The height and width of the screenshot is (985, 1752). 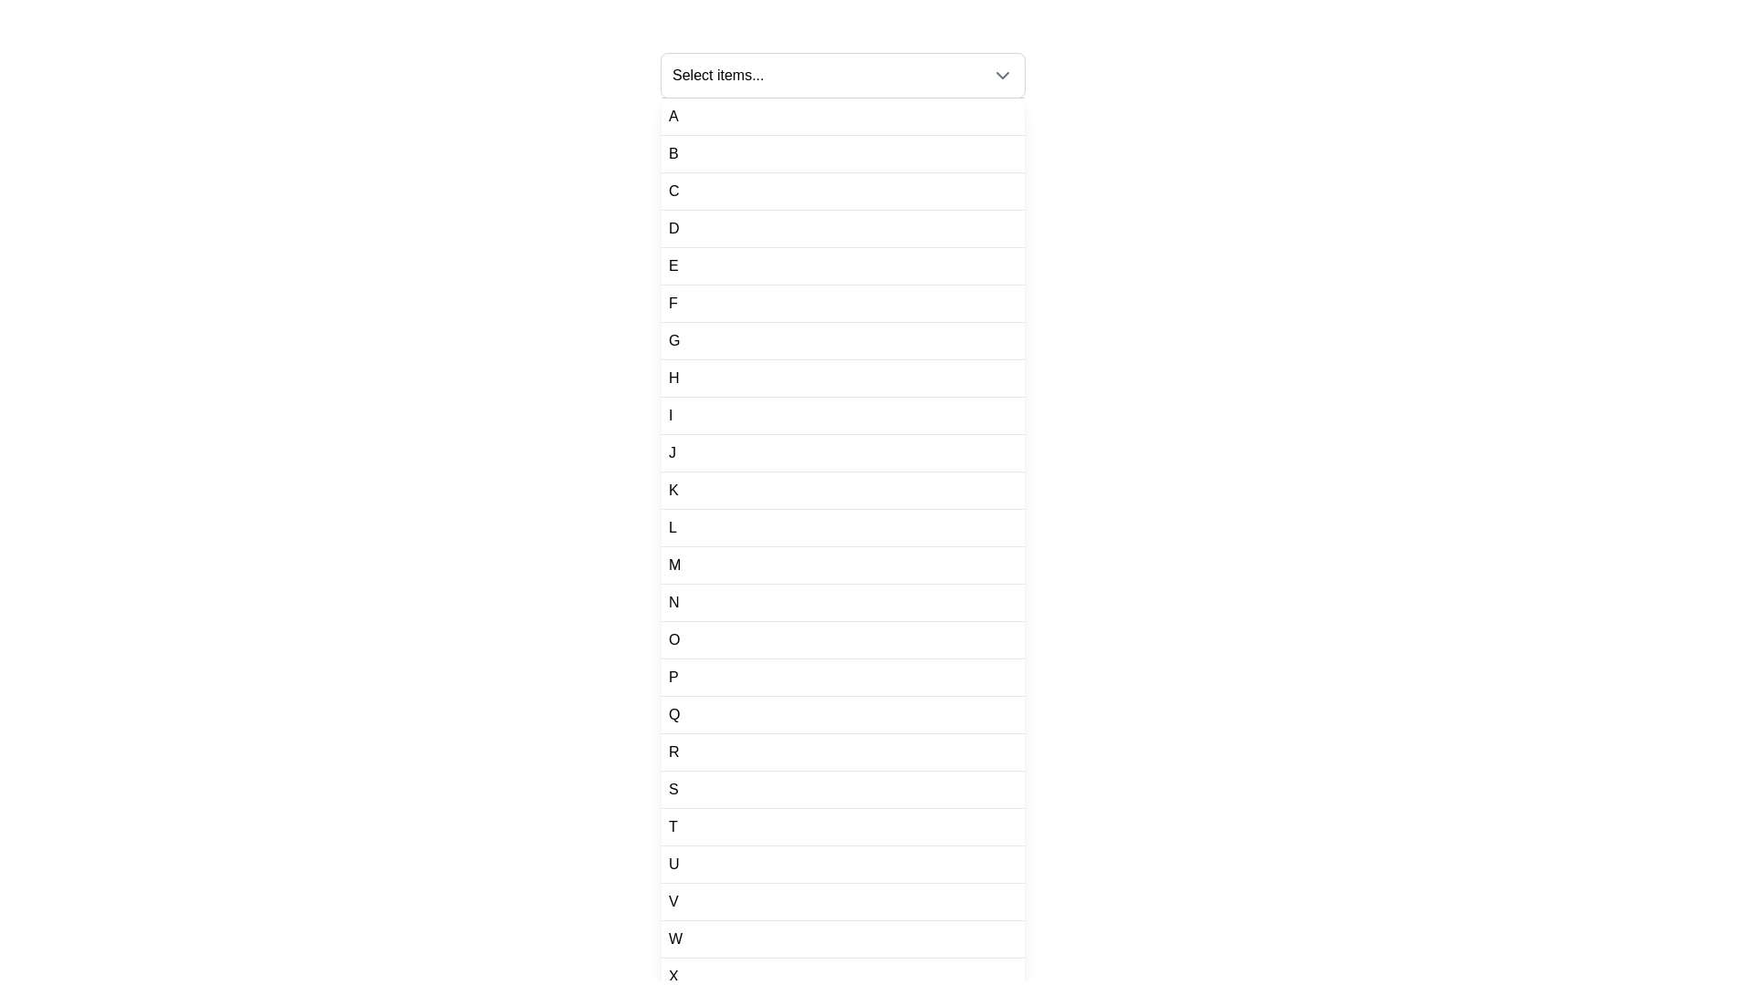 What do you see at coordinates (670, 415) in the screenshot?
I see `the text item representing the letter 'I' in the selectable list` at bounding box center [670, 415].